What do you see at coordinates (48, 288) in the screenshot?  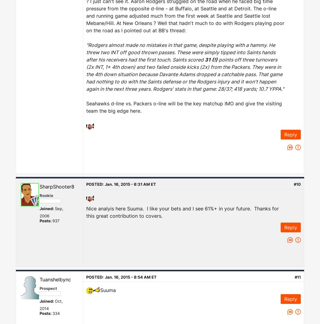 I see `'Prospect'` at bounding box center [48, 288].